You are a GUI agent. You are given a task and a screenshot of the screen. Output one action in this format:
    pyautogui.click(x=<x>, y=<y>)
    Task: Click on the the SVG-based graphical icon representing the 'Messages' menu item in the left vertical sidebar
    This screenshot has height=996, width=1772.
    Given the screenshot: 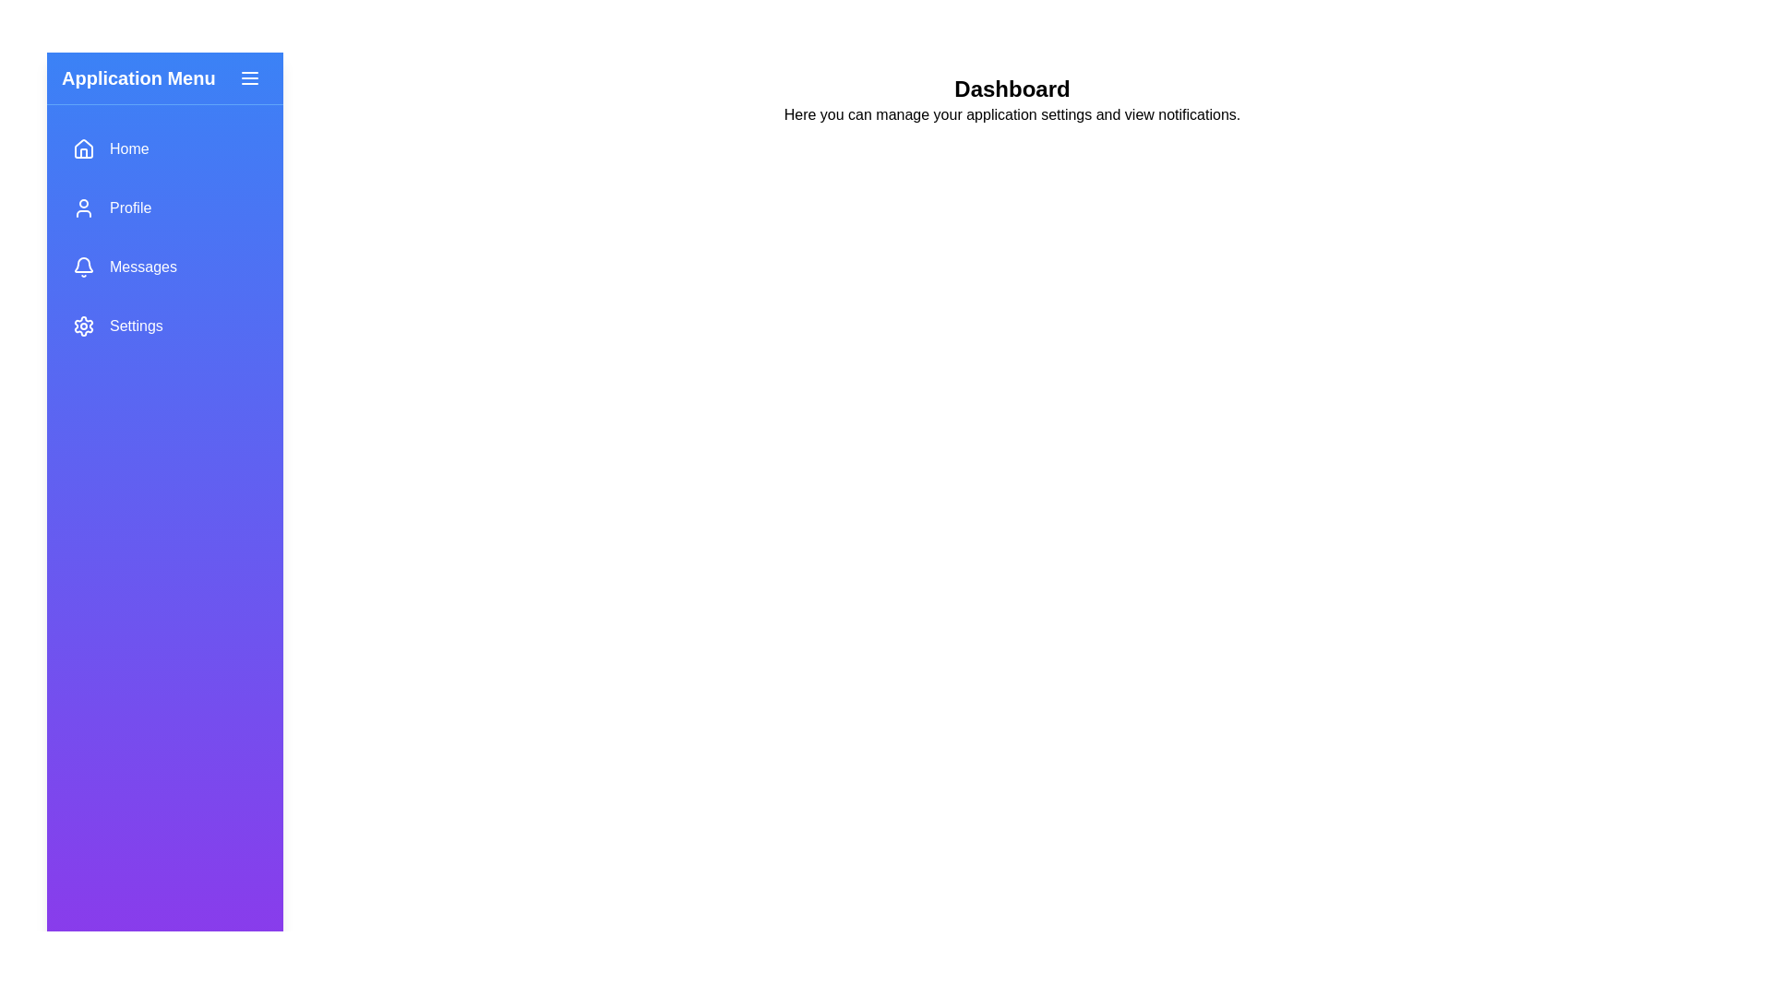 What is the action you would take?
    pyautogui.click(x=83, y=267)
    